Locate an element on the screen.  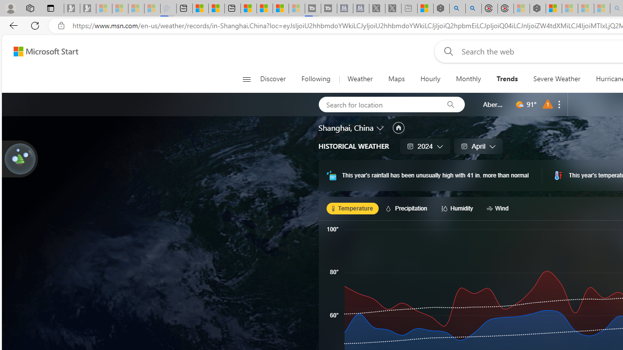
'Trends' is located at coordinates (506, 79).